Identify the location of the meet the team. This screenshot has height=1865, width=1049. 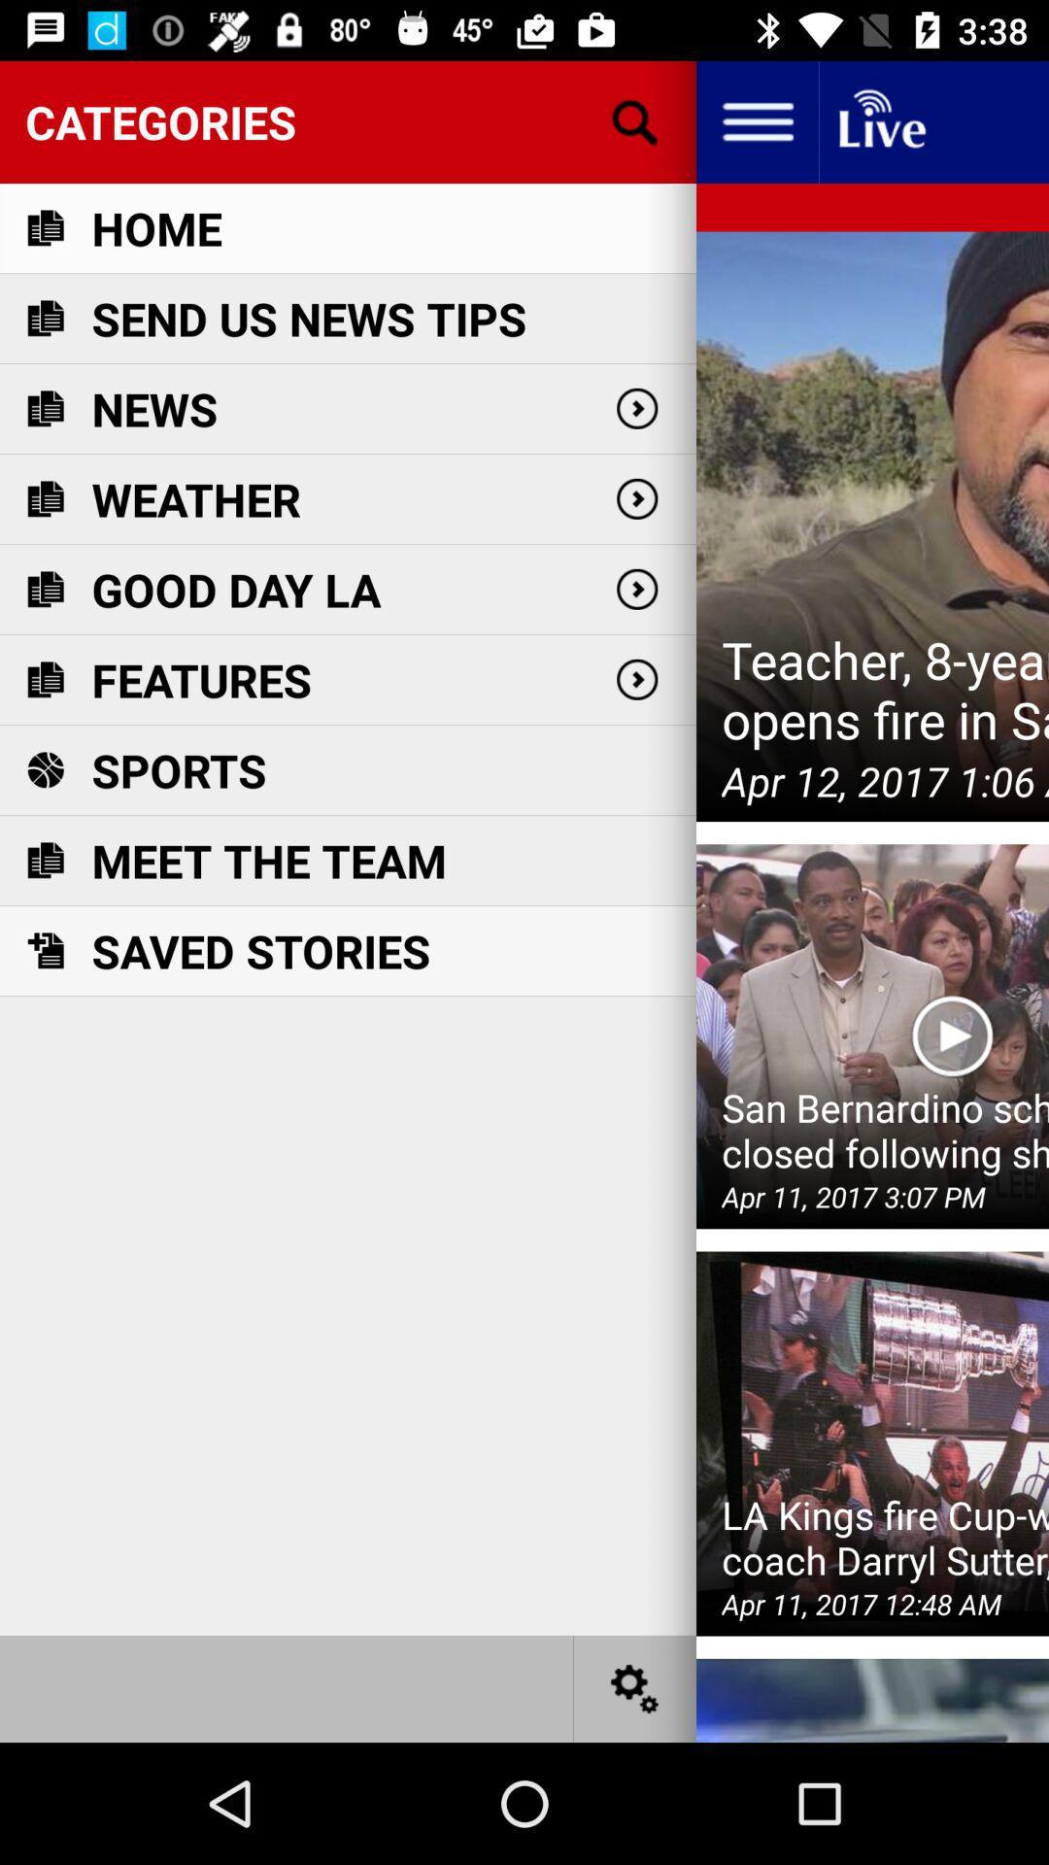
(269, 860).